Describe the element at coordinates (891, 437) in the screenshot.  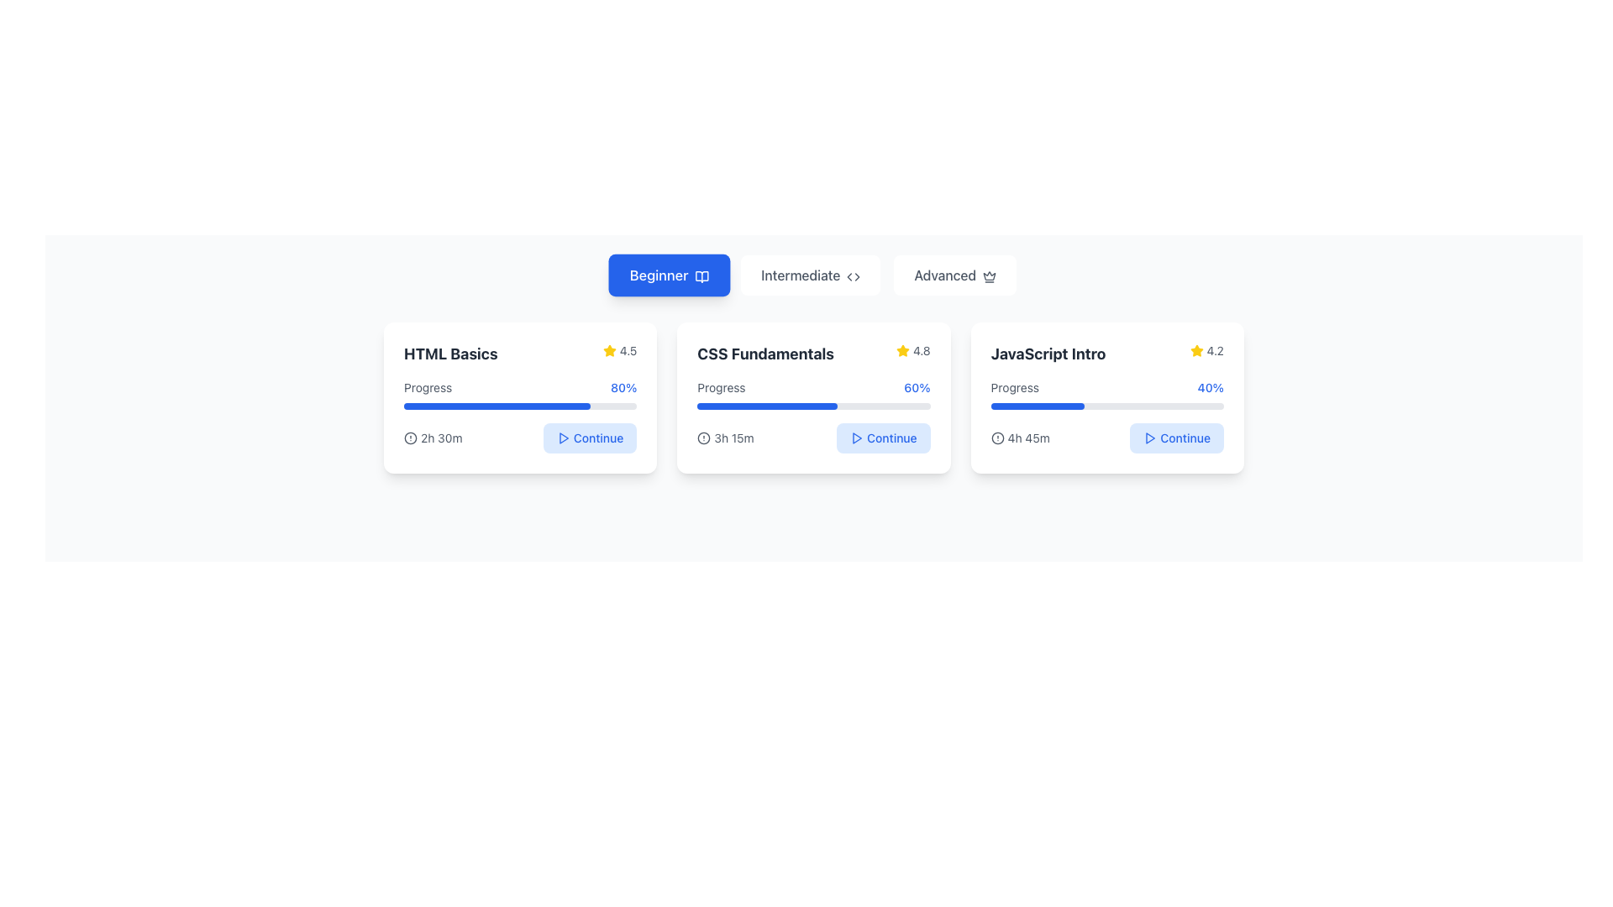
I see `the text label within the 'Continue' button in the CSS Fundamentals card, which is styled with small-sized blue text on a light blue background` at that location.